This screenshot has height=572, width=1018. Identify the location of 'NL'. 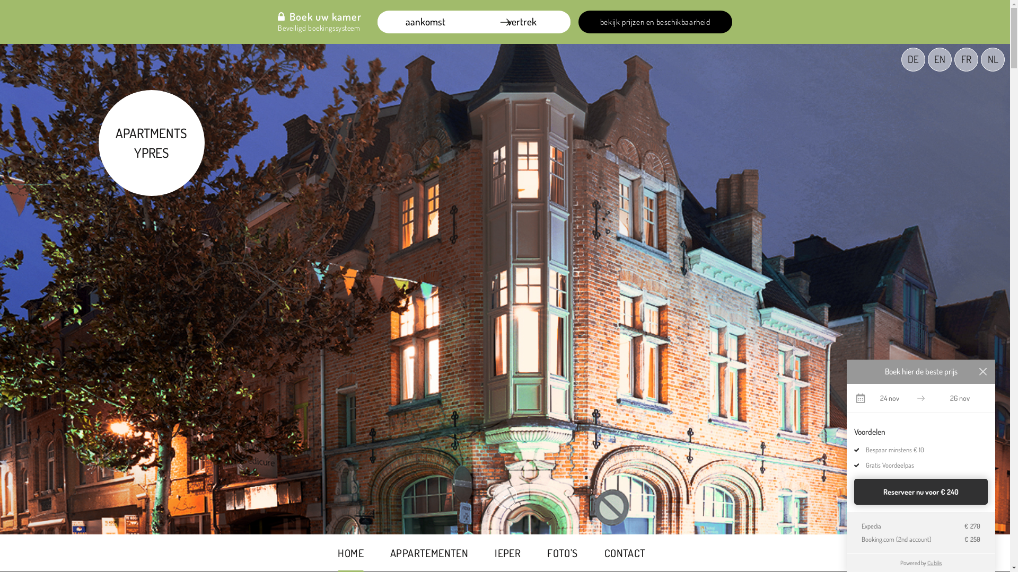
(992, 59).